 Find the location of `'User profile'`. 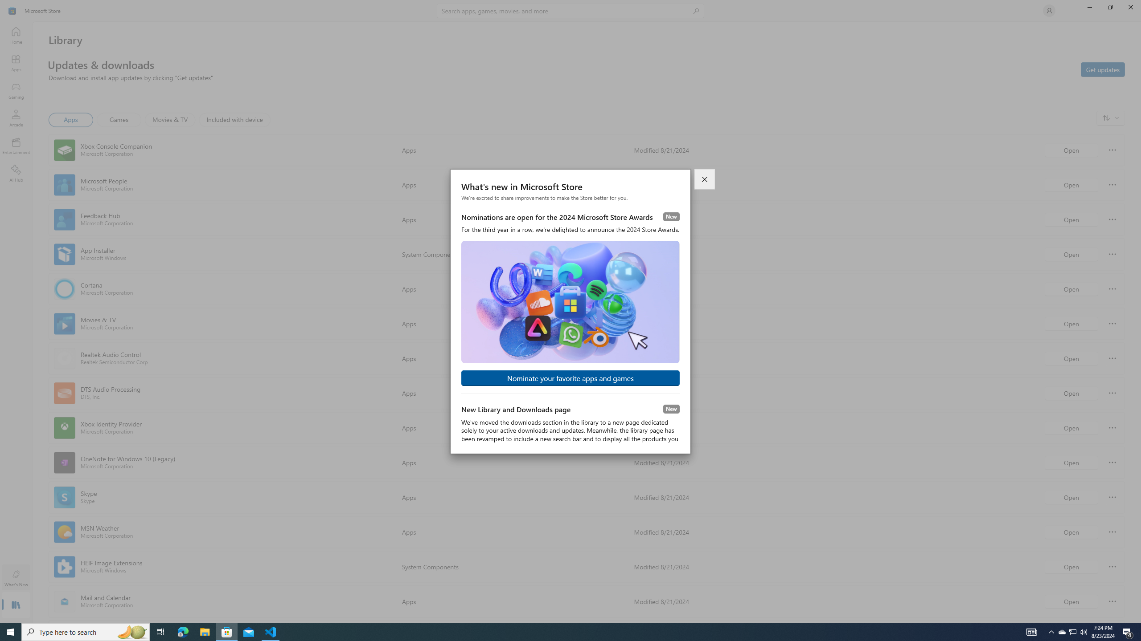

'User profile' is located at coordinates (1048, 10).